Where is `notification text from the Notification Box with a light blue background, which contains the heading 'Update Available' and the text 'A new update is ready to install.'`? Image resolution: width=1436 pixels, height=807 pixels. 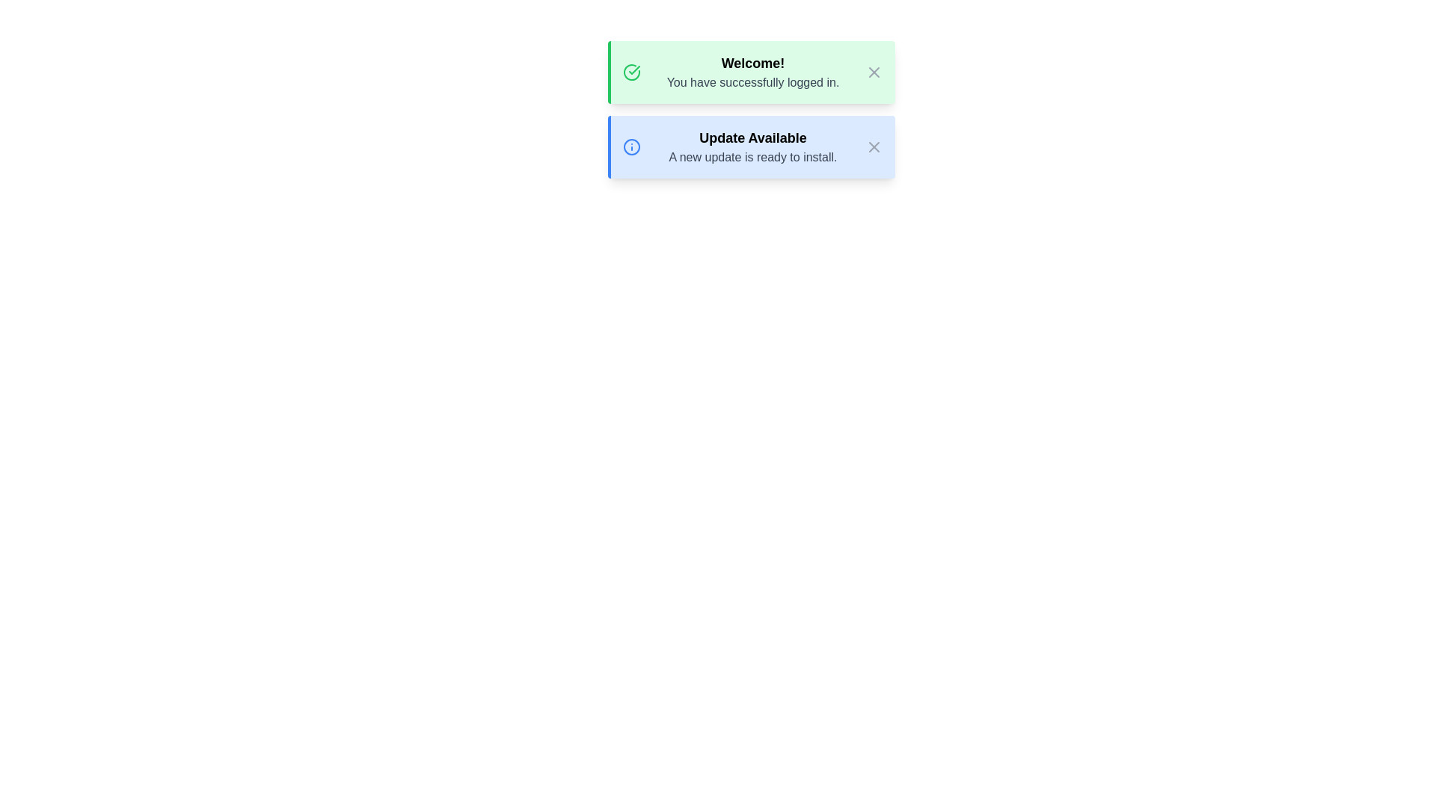
notification text from the Notification Box with a light blue background, which contains the heading 'Update Available' and the text 'A new update is ready to install.' is located at coordinates (751, 146).